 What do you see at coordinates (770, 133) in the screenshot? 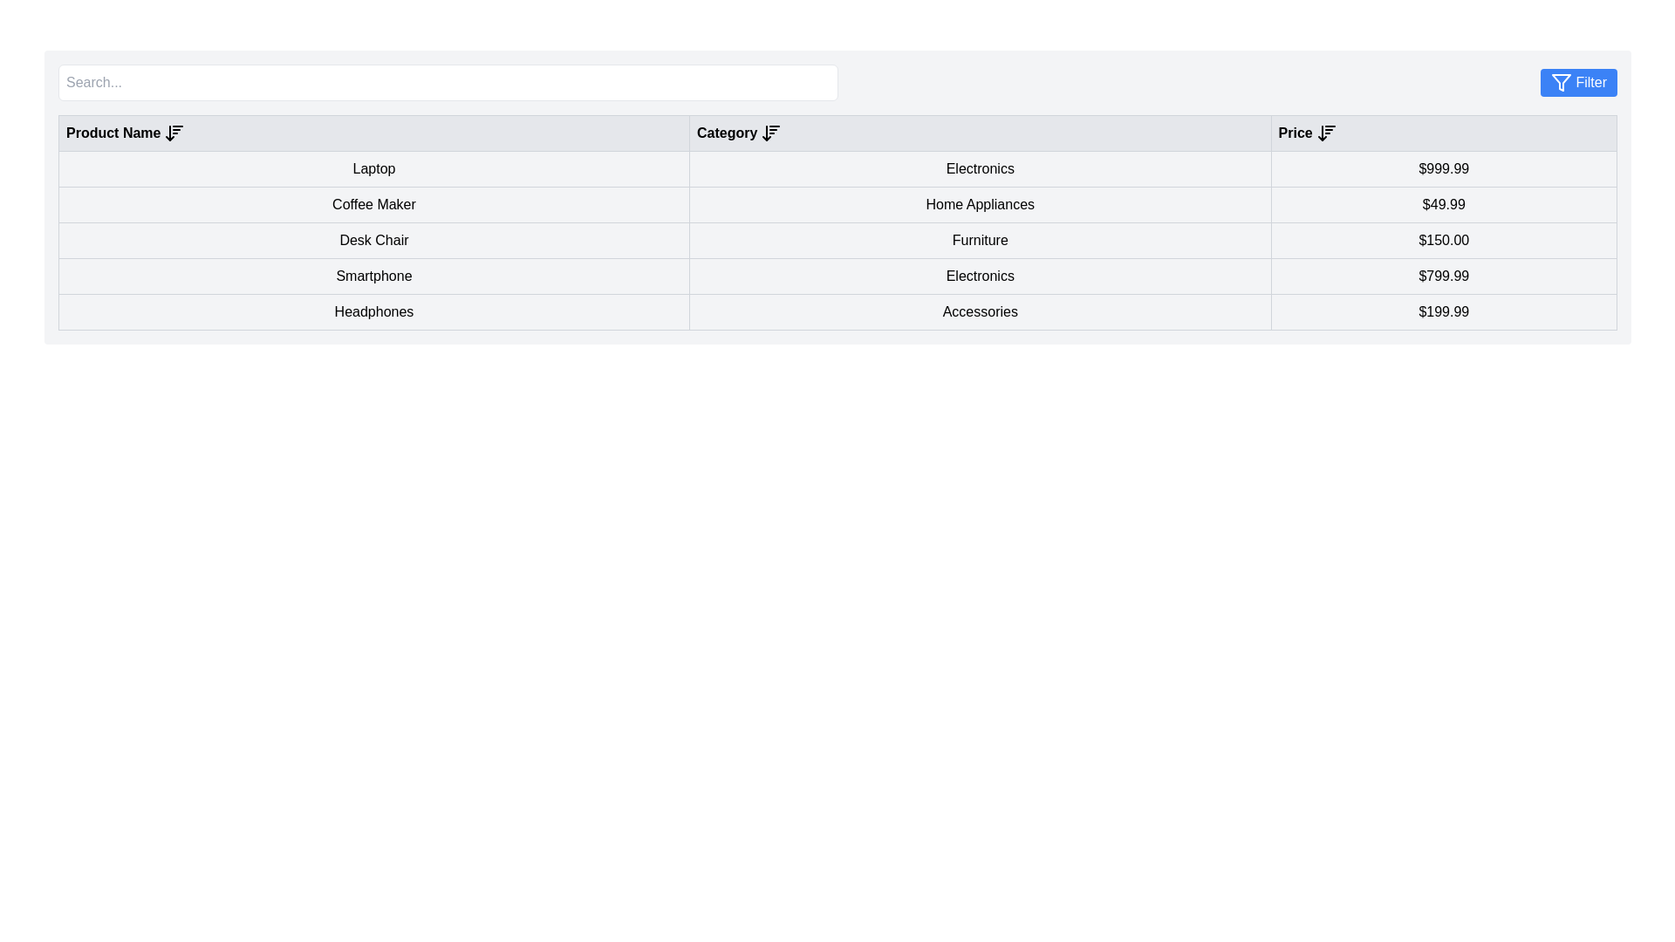
I see `the sorting icon located immediately to the right of the 'Category' column header` at bounding box center [770, 133].